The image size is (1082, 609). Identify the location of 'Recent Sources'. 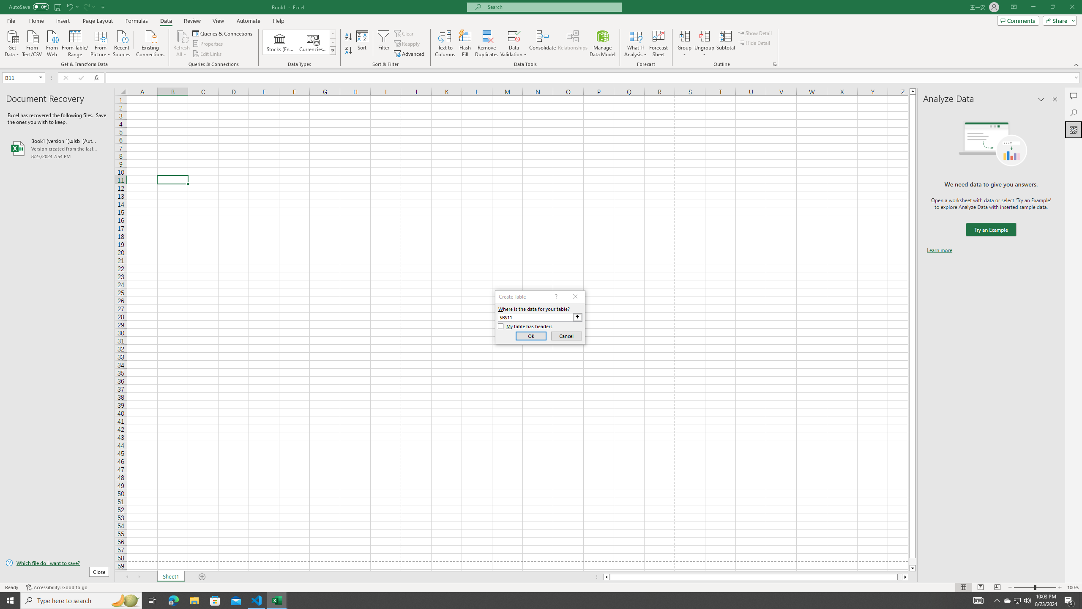
(122, 42).